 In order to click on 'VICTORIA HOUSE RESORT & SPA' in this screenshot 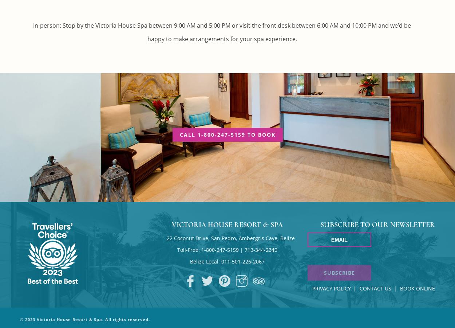, I will do `click(227, 225)`.